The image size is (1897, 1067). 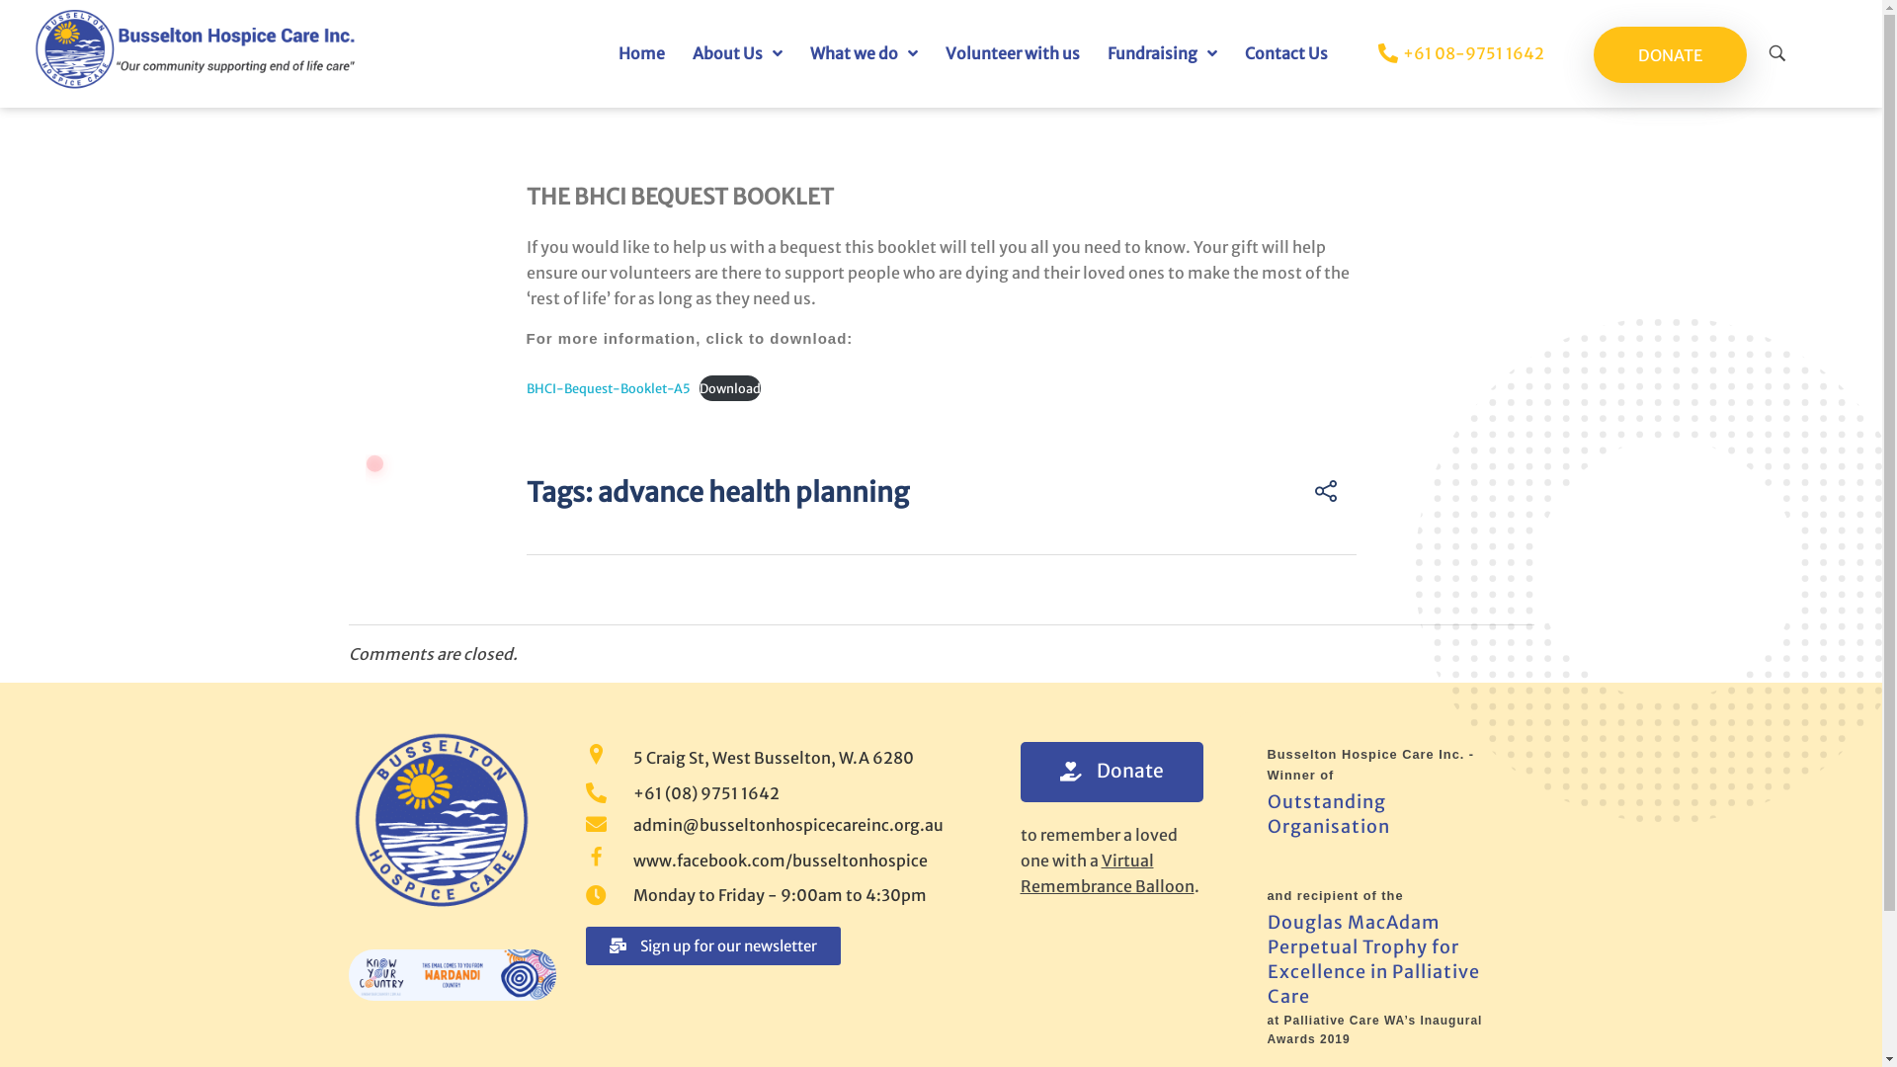 I want to click on 'Download', so click(x=700, y=388).